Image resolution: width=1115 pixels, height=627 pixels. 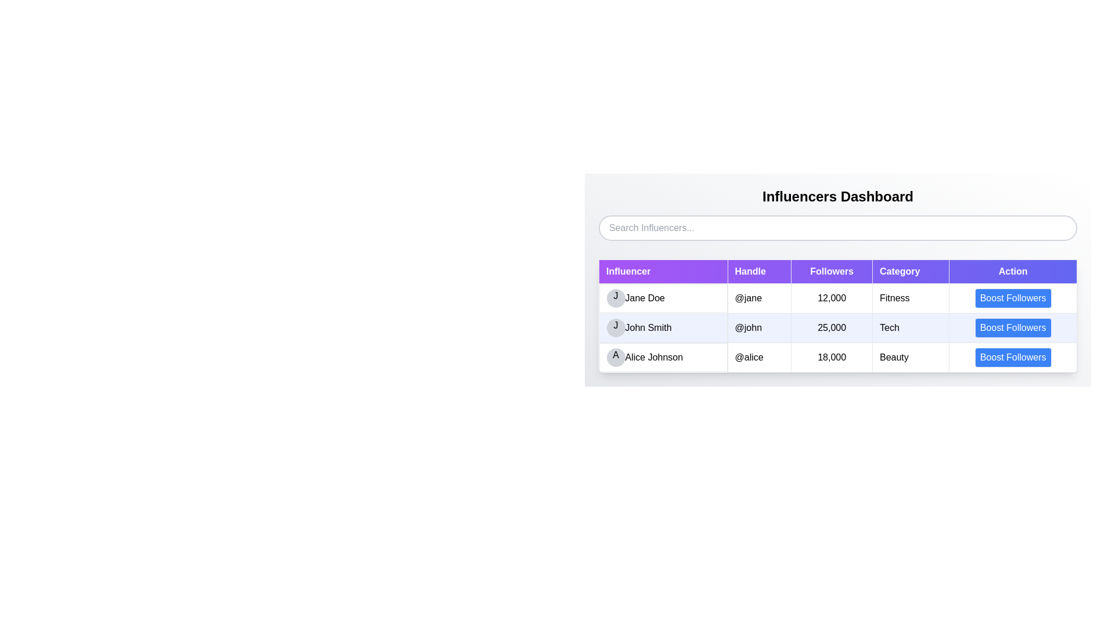 What do you see at coordinates (1012, 297) in the screenshot?
I see `the 'Boost Followers' button for the influencer '@jane' located in the 'Action' column of the Influencers Dashboard table` at bounding box center [1012, 297].